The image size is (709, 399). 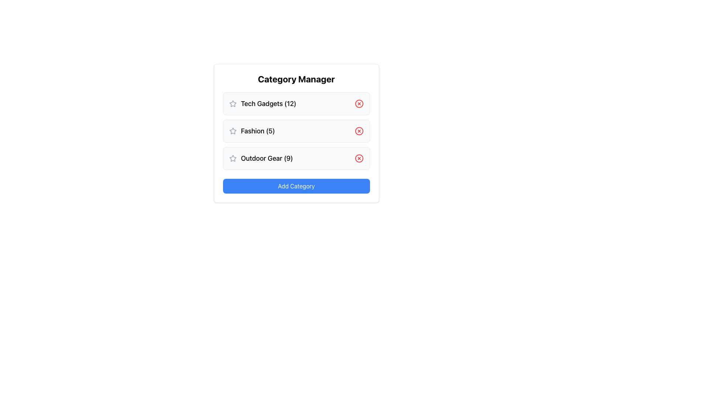 I want to click on the delete button associated with the 'Tech Gadgets (12)' category, so click(x=359, y=104).